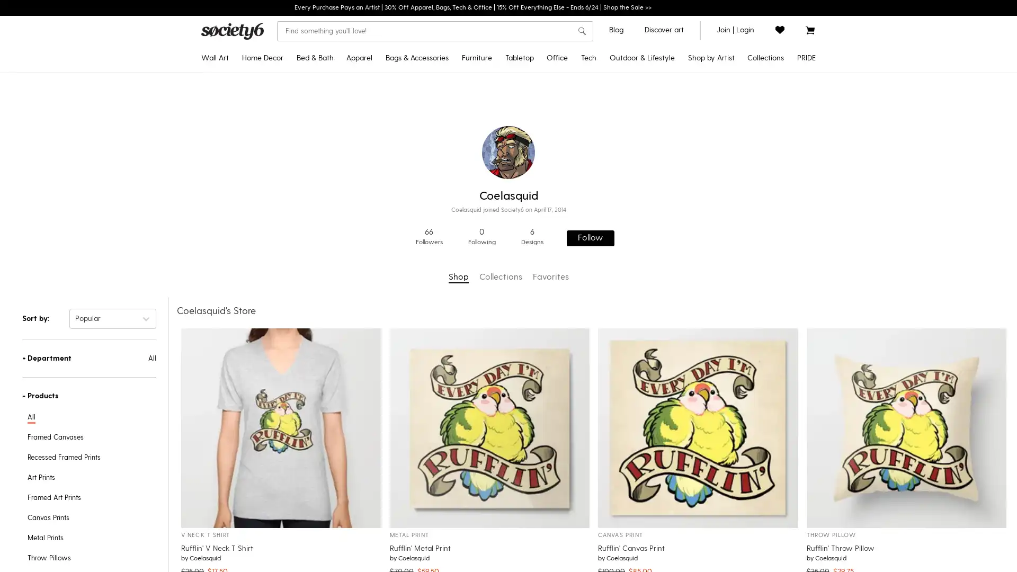 This screenshot has width=1017, height=572. I want to click on Artist Showcase, so click(682, 204).